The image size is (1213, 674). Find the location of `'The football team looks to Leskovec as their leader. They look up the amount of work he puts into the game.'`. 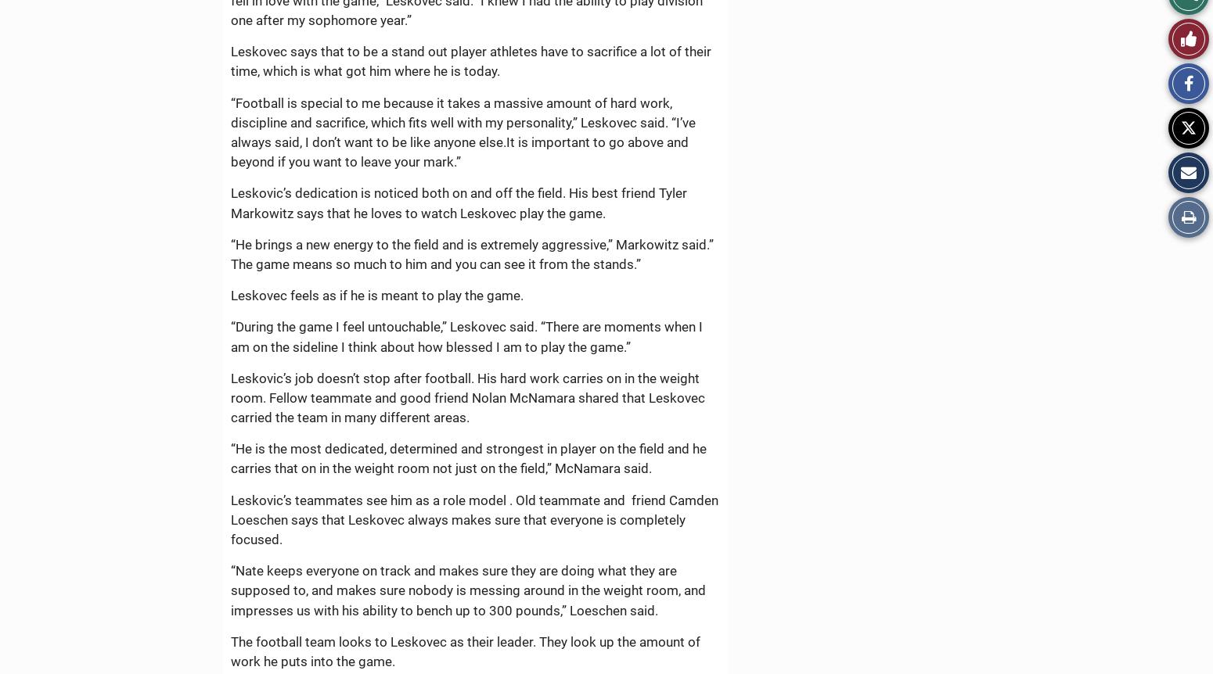

'The football team looks to Leskovec as their leader. They look up the amount of work he puts into the game.' is located at coordinates (466, 650).